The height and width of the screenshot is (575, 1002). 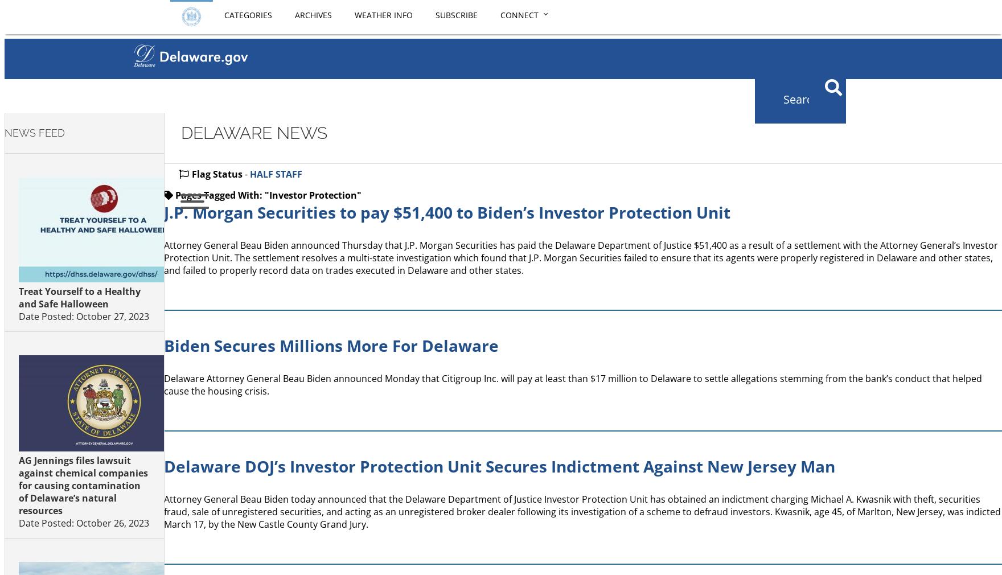 I want to click on 'AG Jennings files lawsuit against chemical companies for causing contamination of Delaware’s natural resources', so click(x=18, y=485).